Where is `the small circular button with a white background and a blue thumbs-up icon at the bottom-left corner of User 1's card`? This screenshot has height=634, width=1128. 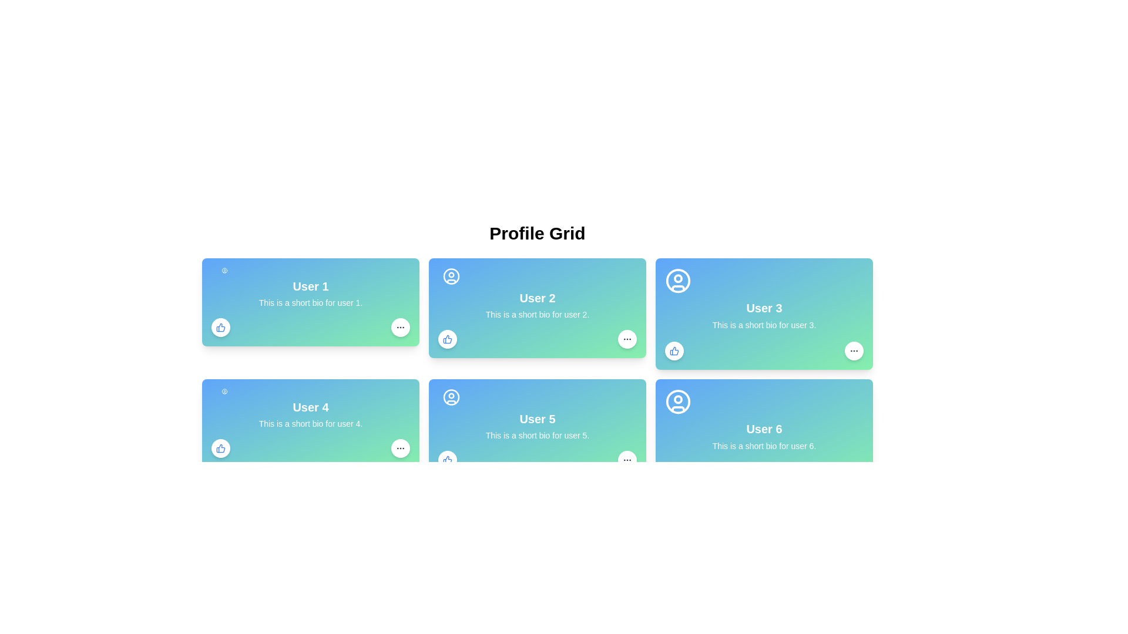 the small circular button with a white background and a blue thumbs-up icon at the bottom-left corner of User 1's card is located at coordinates (220, 328).